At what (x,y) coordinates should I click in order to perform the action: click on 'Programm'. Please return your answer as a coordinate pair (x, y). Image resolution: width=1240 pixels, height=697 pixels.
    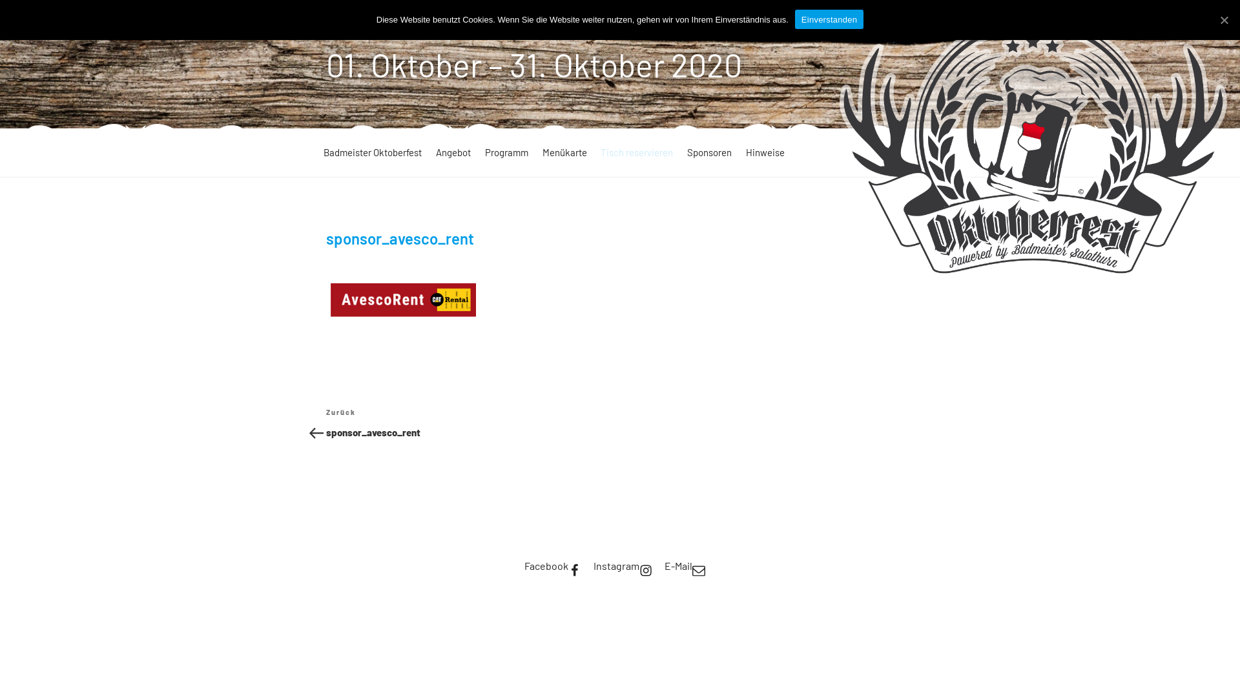
    Looking at the image, I should click on (504, 152).